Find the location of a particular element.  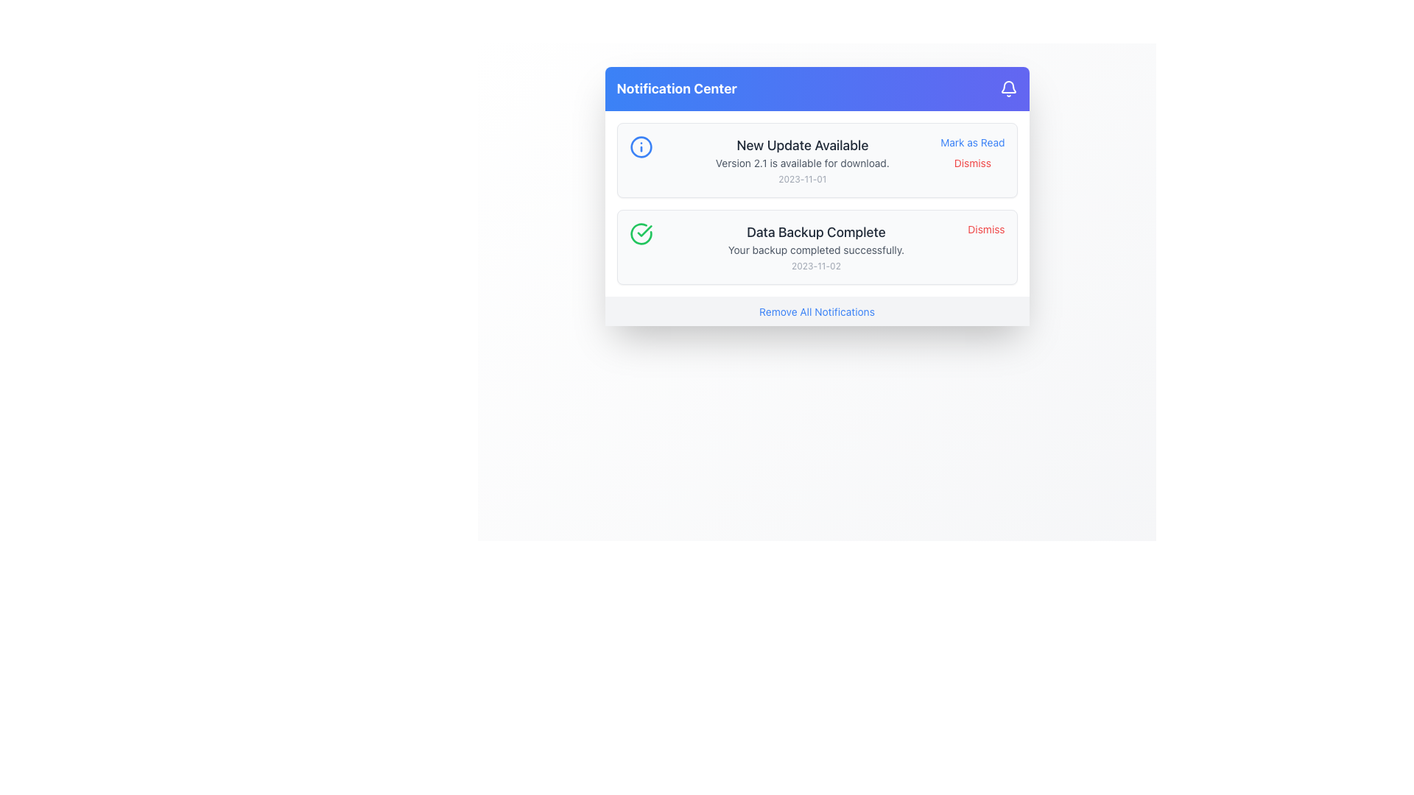

the interactive text link 'Remove All Notifications' located at the bottom of the Notification Center is located at coordinates (816, 311).